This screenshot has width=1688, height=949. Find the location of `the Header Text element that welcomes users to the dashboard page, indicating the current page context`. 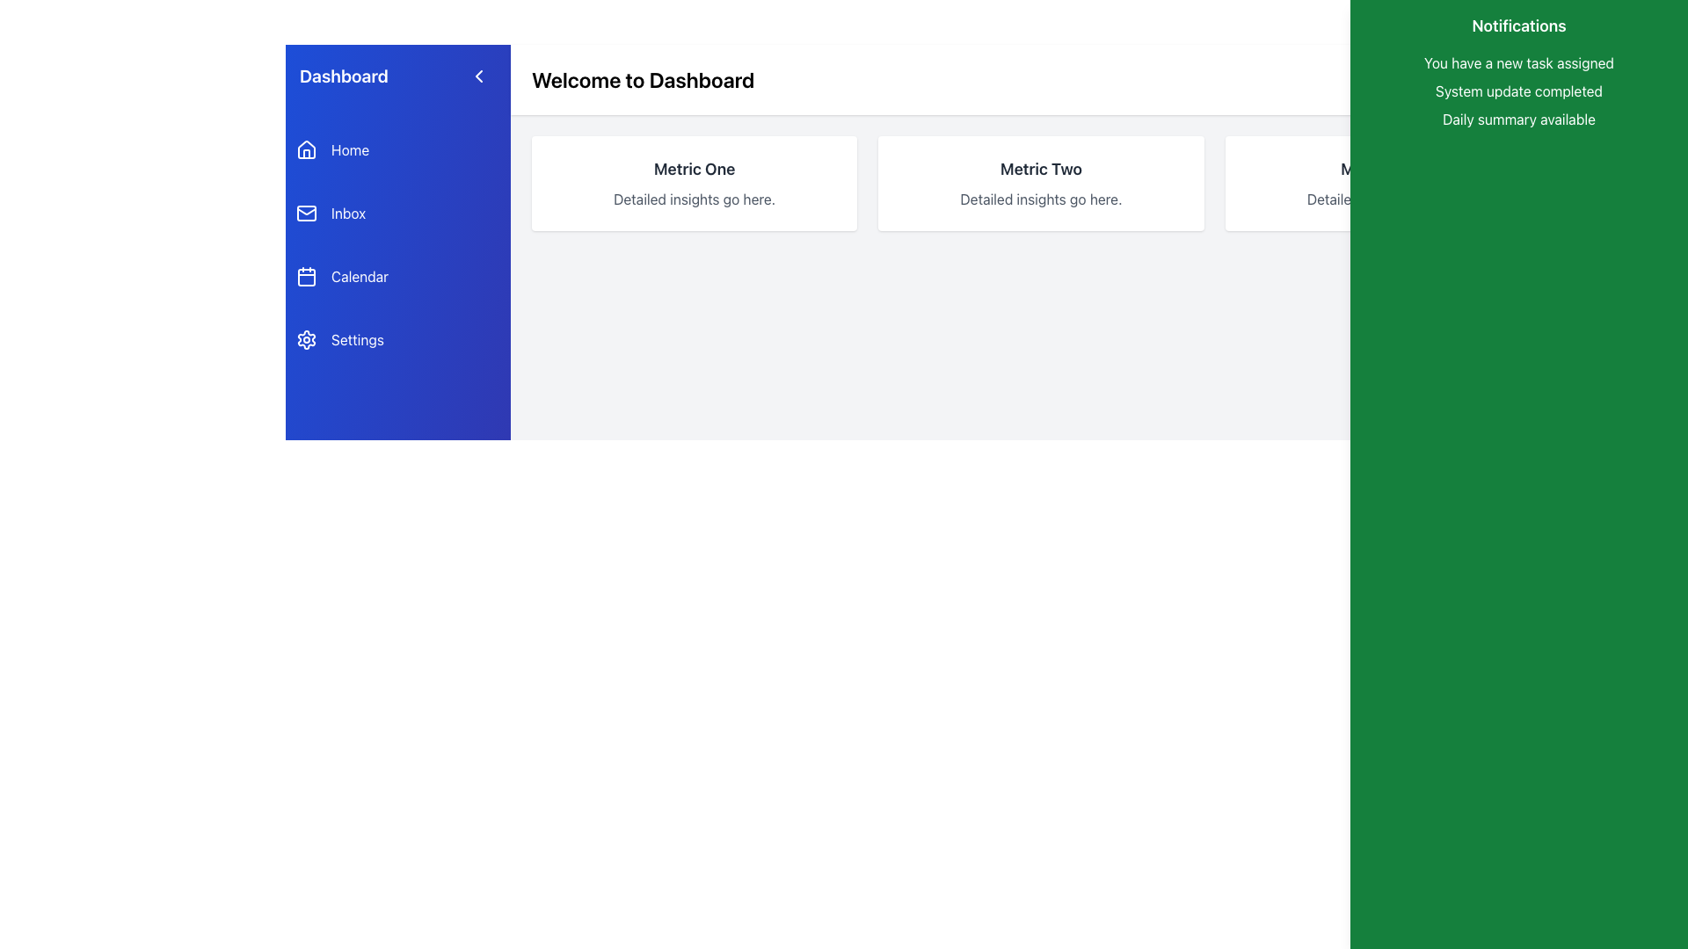

the Header Text element that welcomes users to the dashboard page, indicating the current page context is located at coordinates (642, 80).